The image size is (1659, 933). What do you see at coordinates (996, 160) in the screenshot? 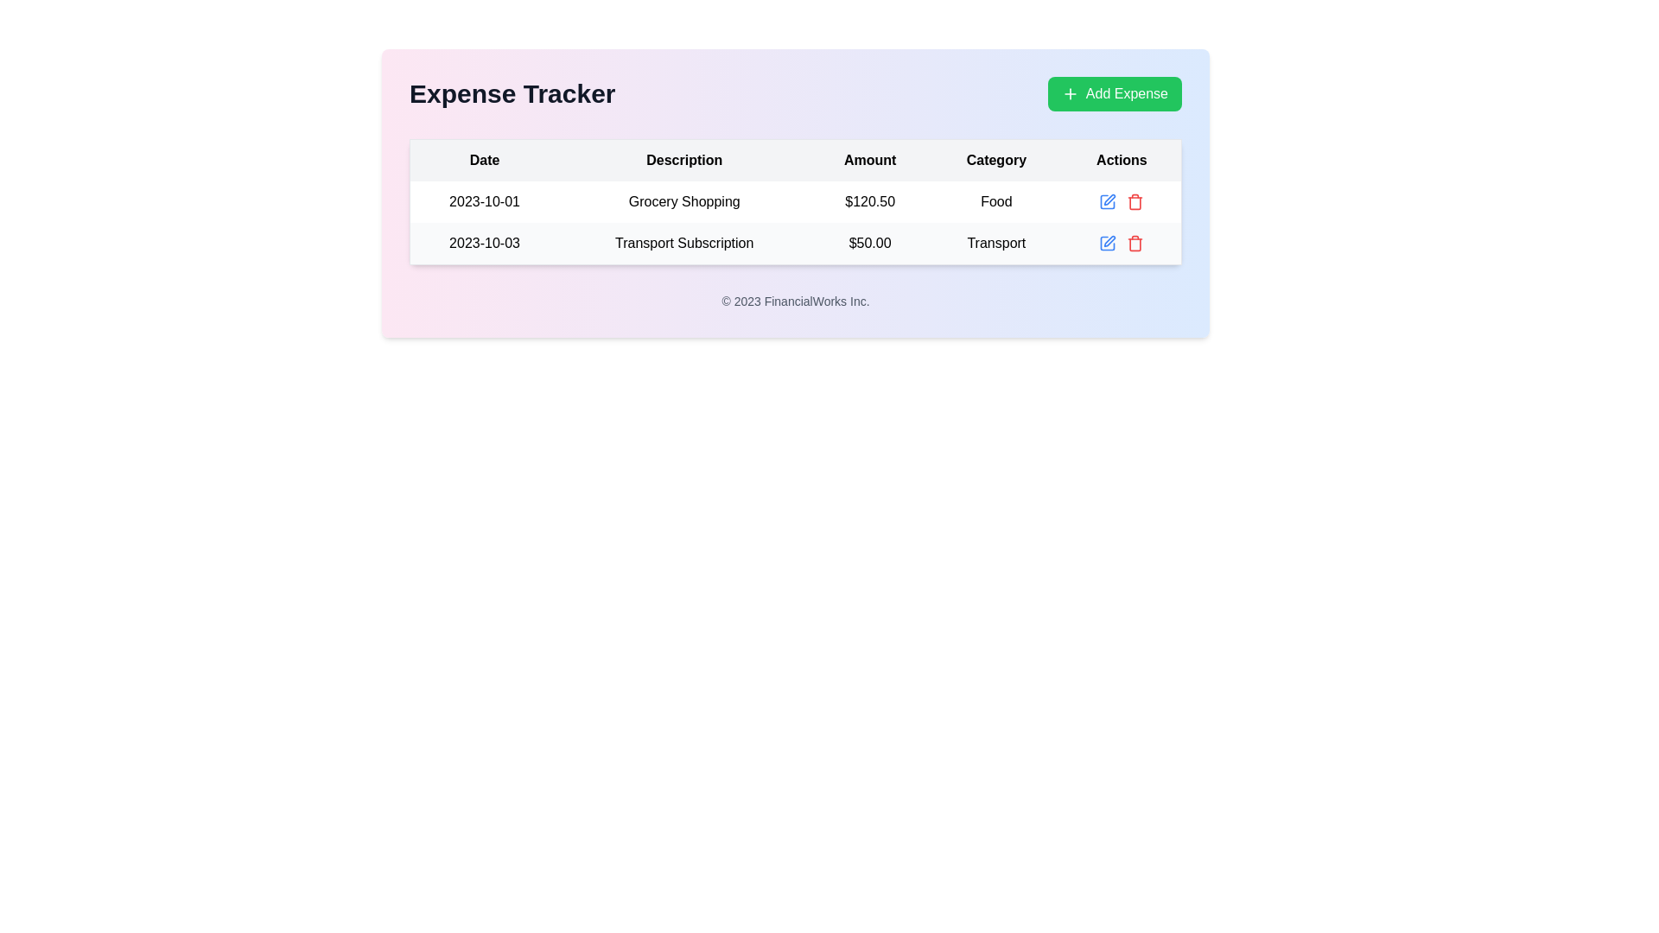
I see `text label in the fourth column header, which displays the word 'Category'` at bounding box center [996, 160].